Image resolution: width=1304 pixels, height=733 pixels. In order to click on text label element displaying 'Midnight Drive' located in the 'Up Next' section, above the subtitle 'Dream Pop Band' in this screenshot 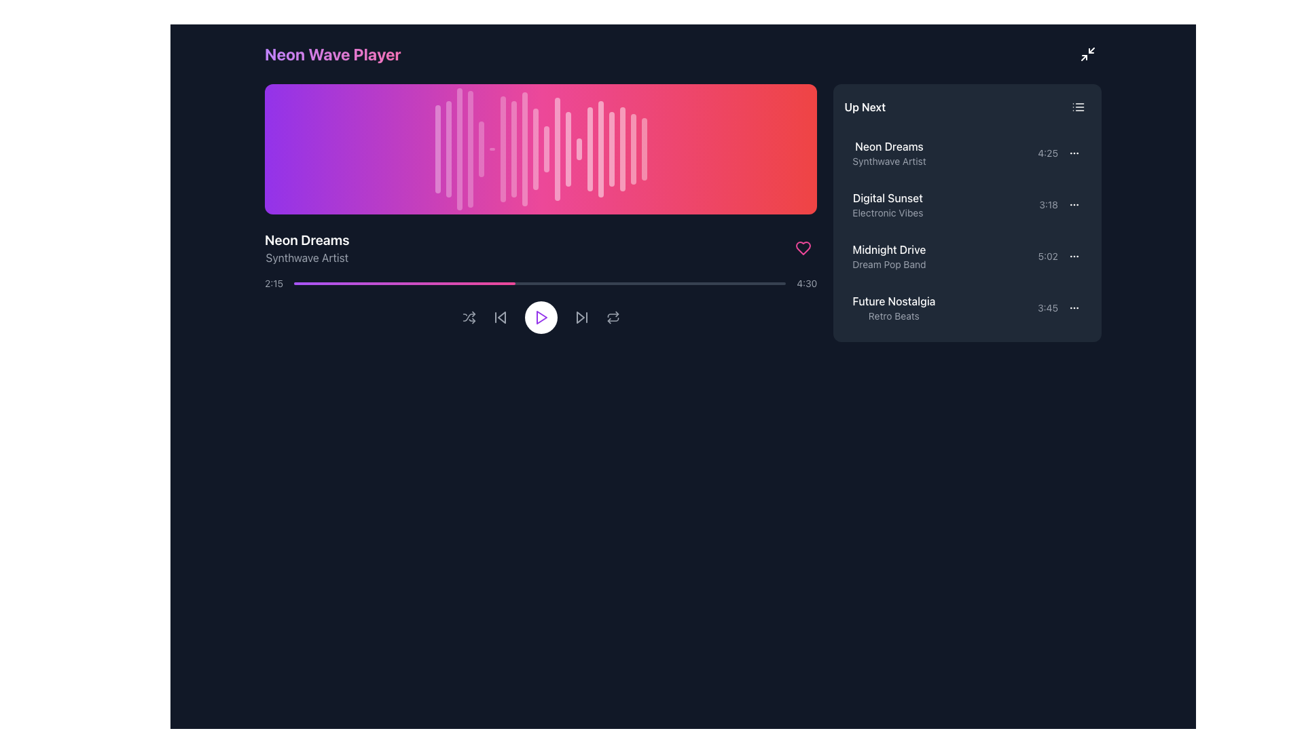, I will do `click(889, 249)`.